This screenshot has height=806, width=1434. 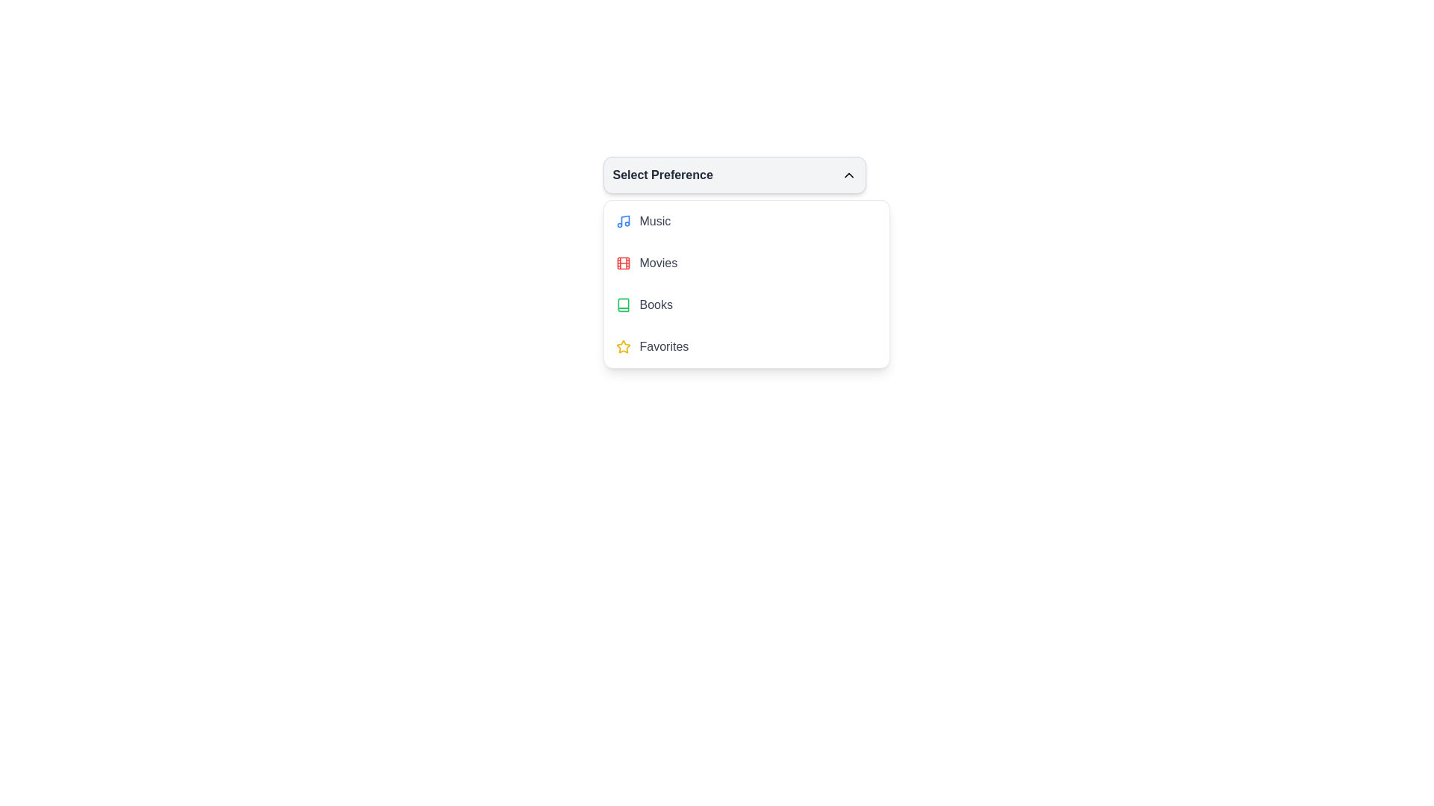 I want to click on the graphical element that is part of the movie reel icon, which is located to the left of the text label 'Movies' in the dropdown list, so click(x=623, y=263).